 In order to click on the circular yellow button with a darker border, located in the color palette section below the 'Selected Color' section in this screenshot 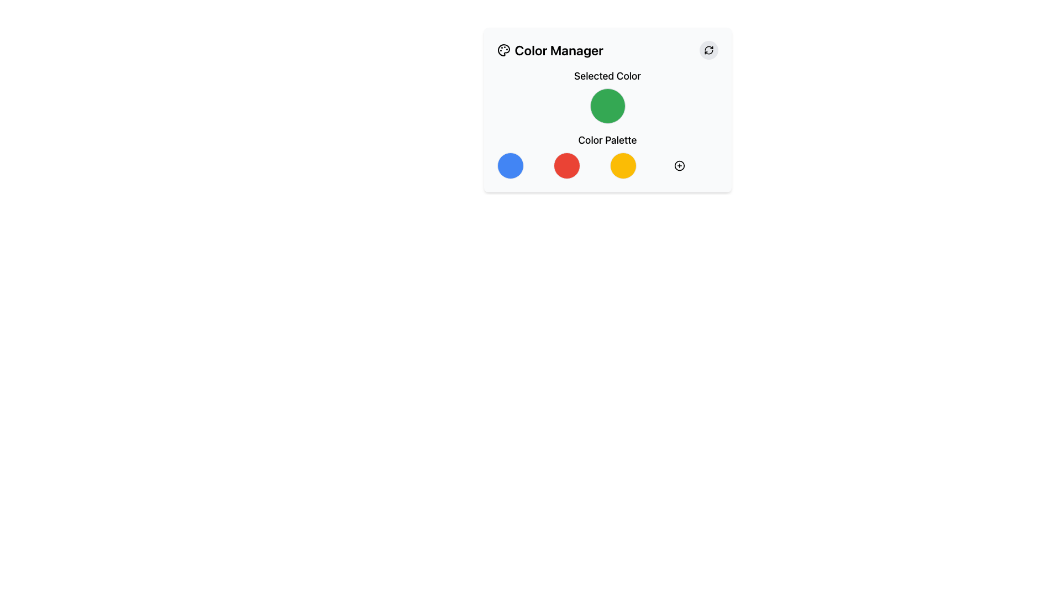, I will do `click(623, 166)`.